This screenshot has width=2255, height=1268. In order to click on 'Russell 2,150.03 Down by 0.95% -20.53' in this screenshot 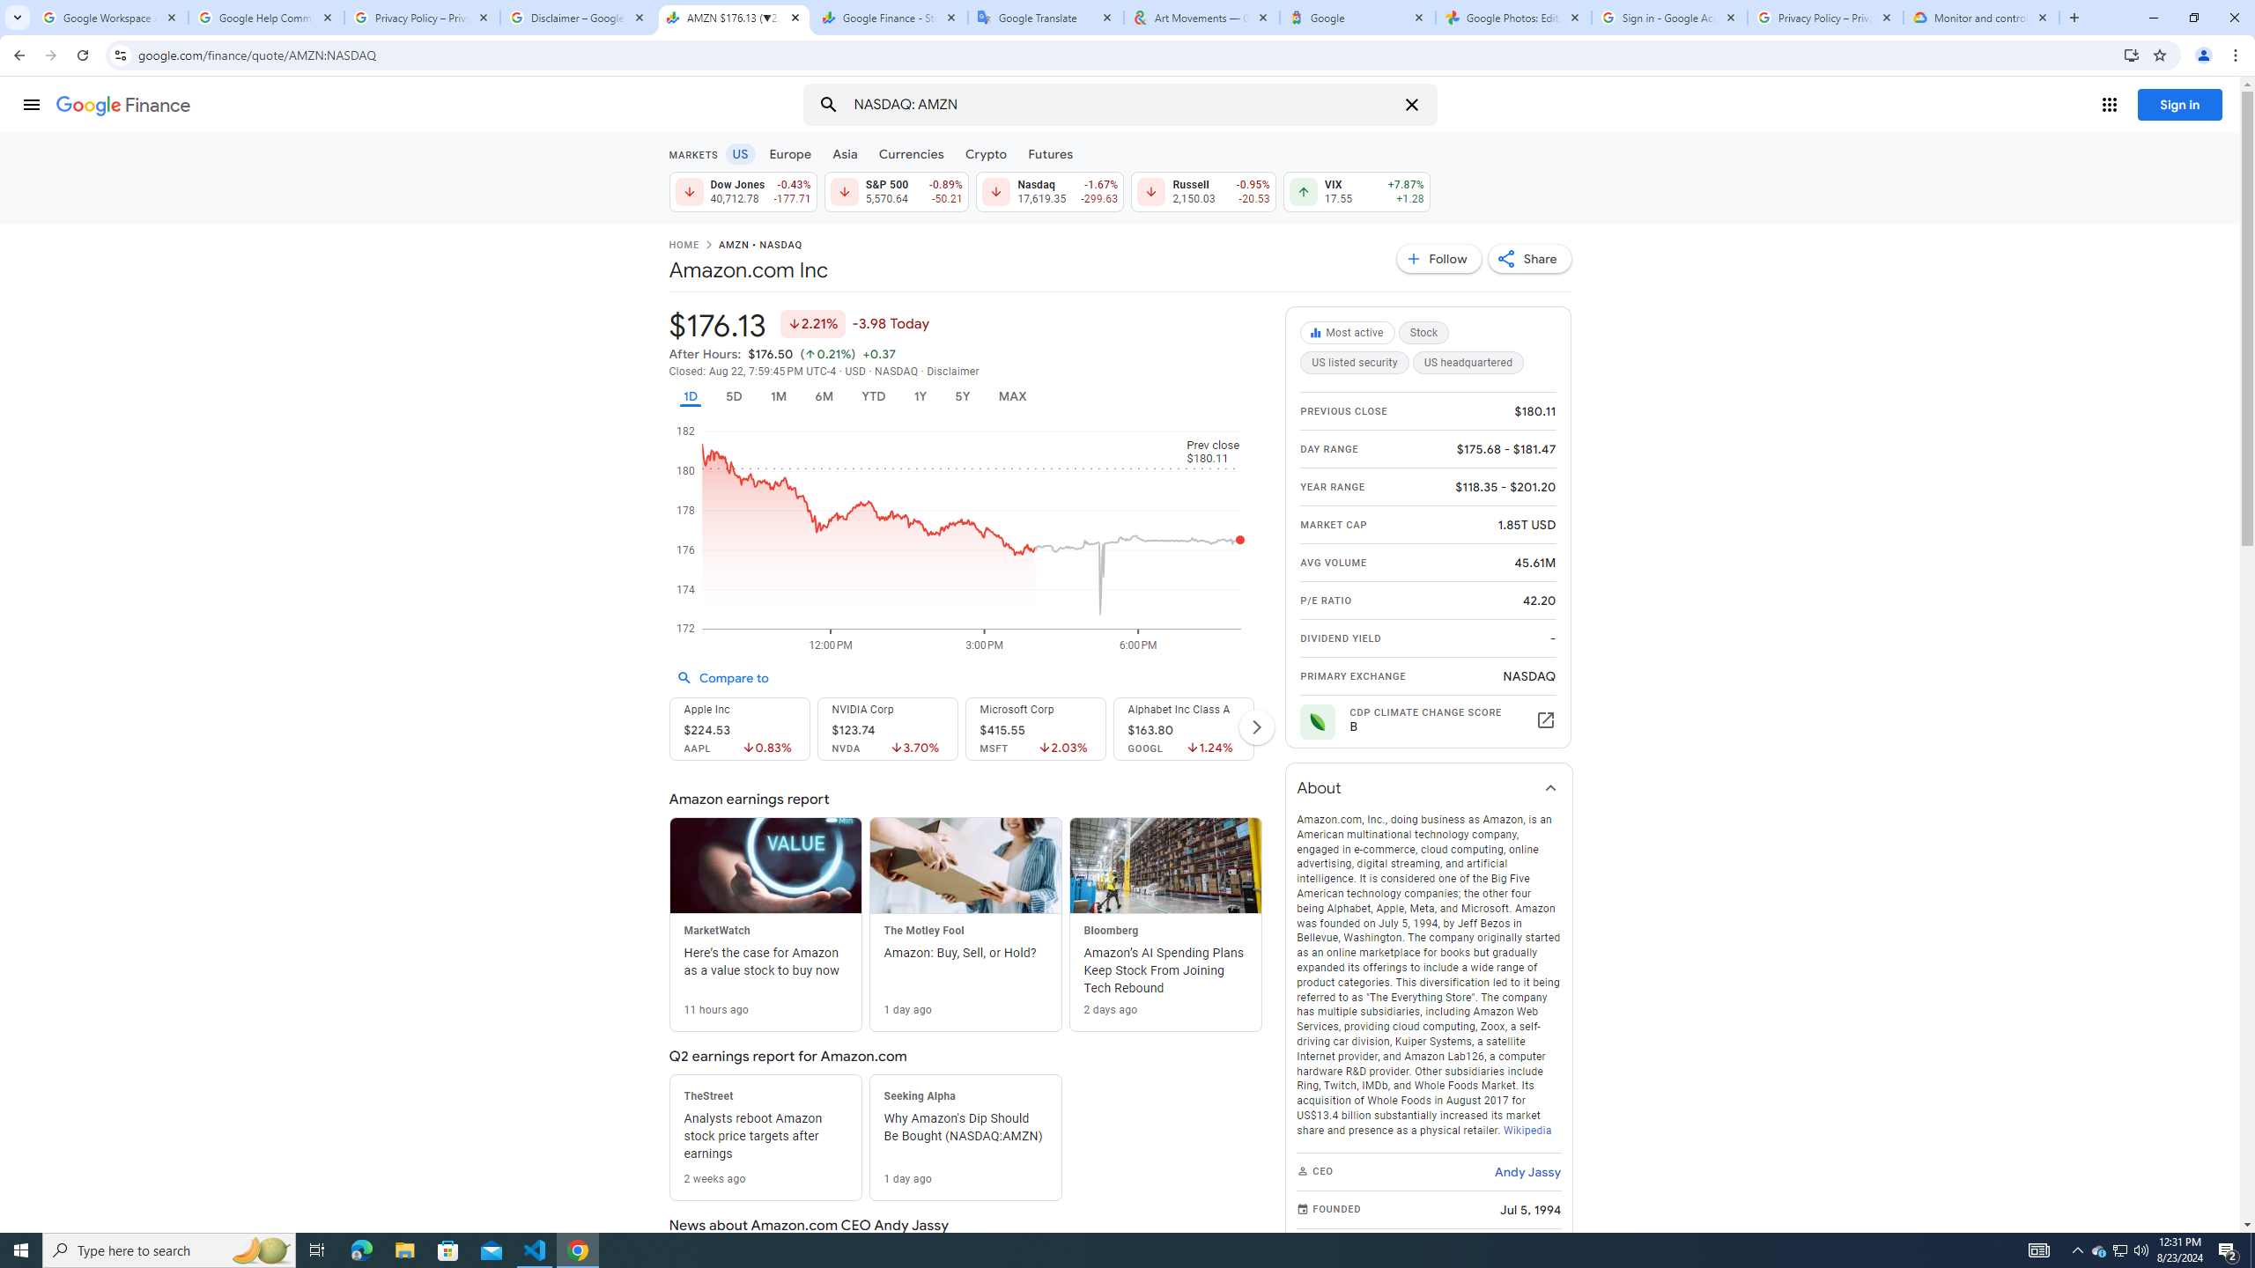, I will do `click(1203, 191)`.